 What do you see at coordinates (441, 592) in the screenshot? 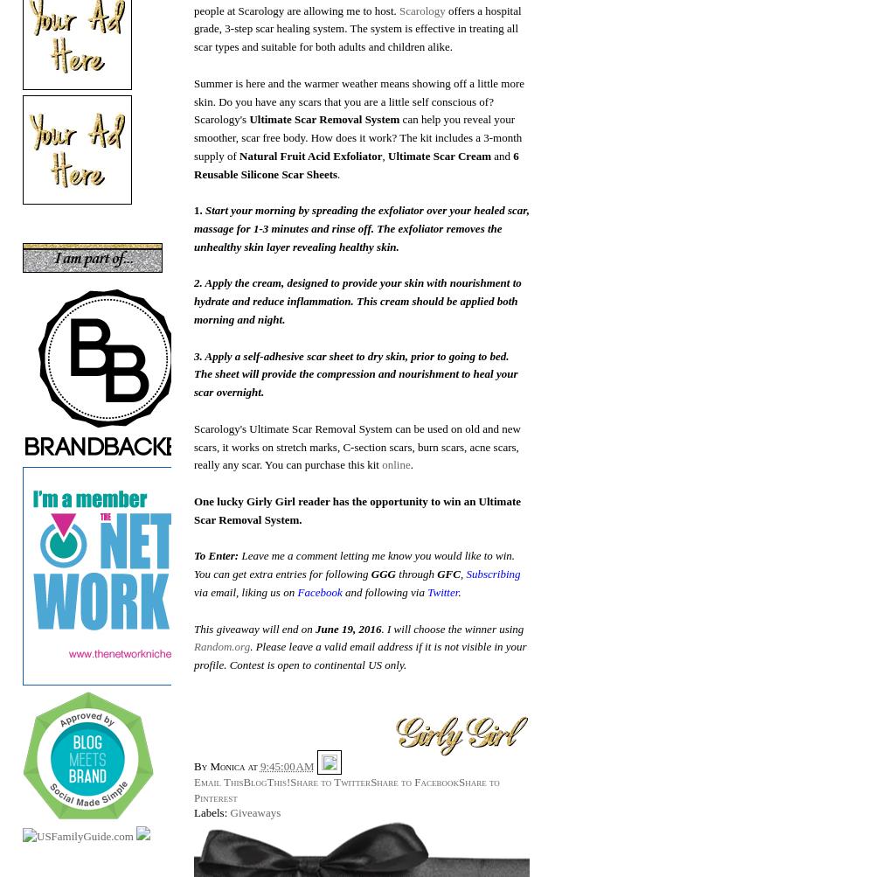
I see `'Twitter'` at bounding box center [441, 592].